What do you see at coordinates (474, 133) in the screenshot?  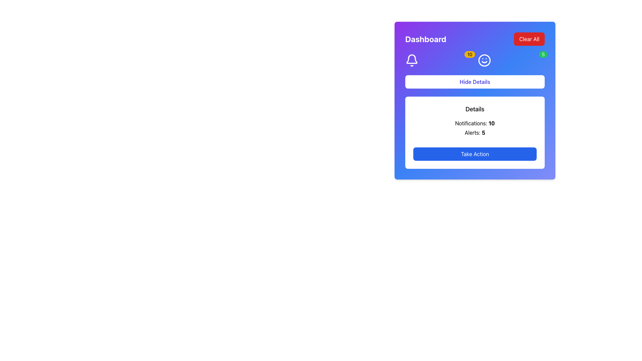 I see `the text label displaying 'Alerts: 5' in bold, located in the 'Details' section of the dashboard, immediately below 'Notifications: 10'` at bounding box center [474, 133].